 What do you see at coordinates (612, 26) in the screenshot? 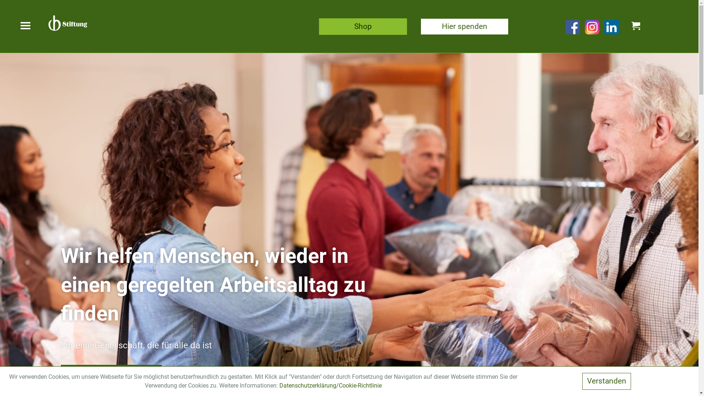
I see `'Linkedin-Link'` at bounding box center [612, 26].